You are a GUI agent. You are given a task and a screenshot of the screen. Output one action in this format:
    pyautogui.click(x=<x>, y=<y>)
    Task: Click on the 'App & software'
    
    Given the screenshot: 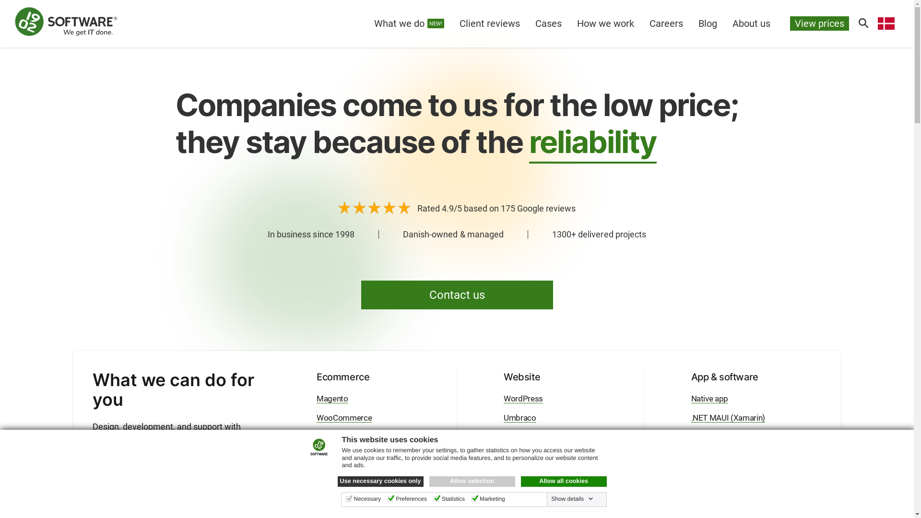 What is the action you would take?
    pyautogui.click(x=724, y=377)
    